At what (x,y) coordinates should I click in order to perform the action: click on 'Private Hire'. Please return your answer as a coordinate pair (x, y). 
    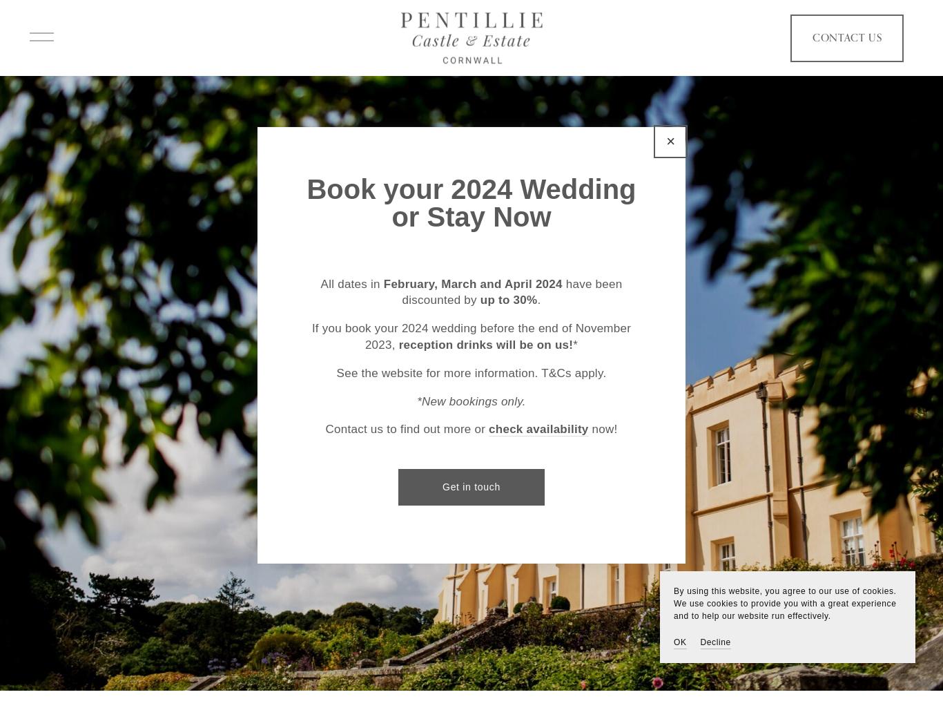
    Looking at the image, I should click on (359, 335).